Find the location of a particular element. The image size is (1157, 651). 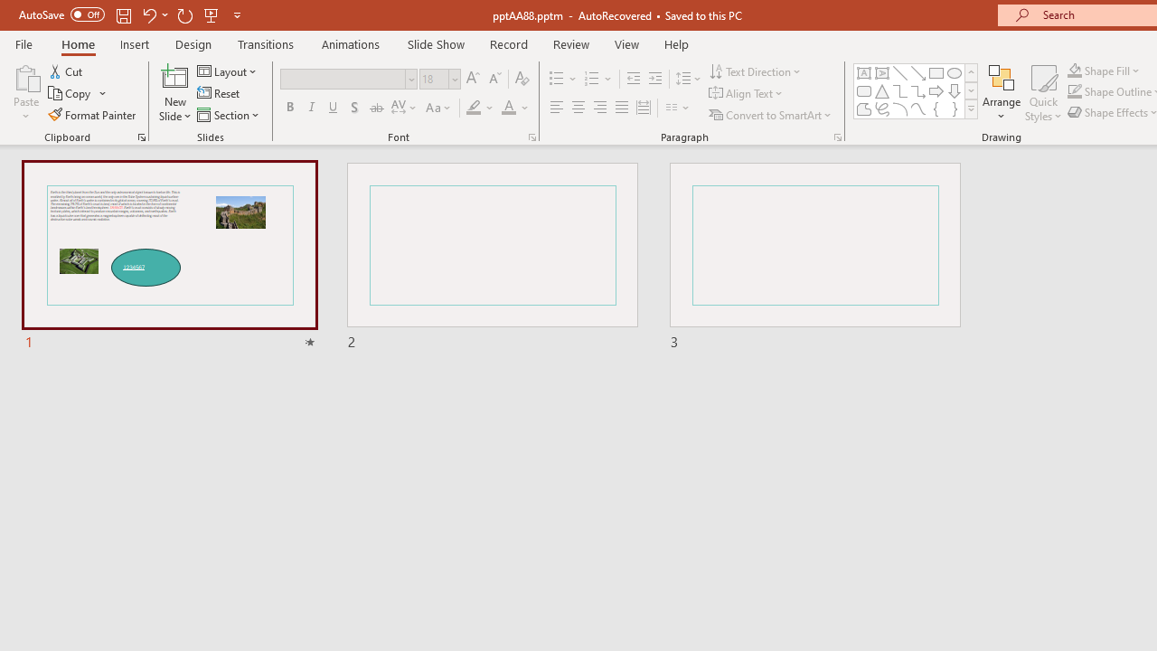

'Connector: Elbow Arrow' is located at coordinates (918, 90).